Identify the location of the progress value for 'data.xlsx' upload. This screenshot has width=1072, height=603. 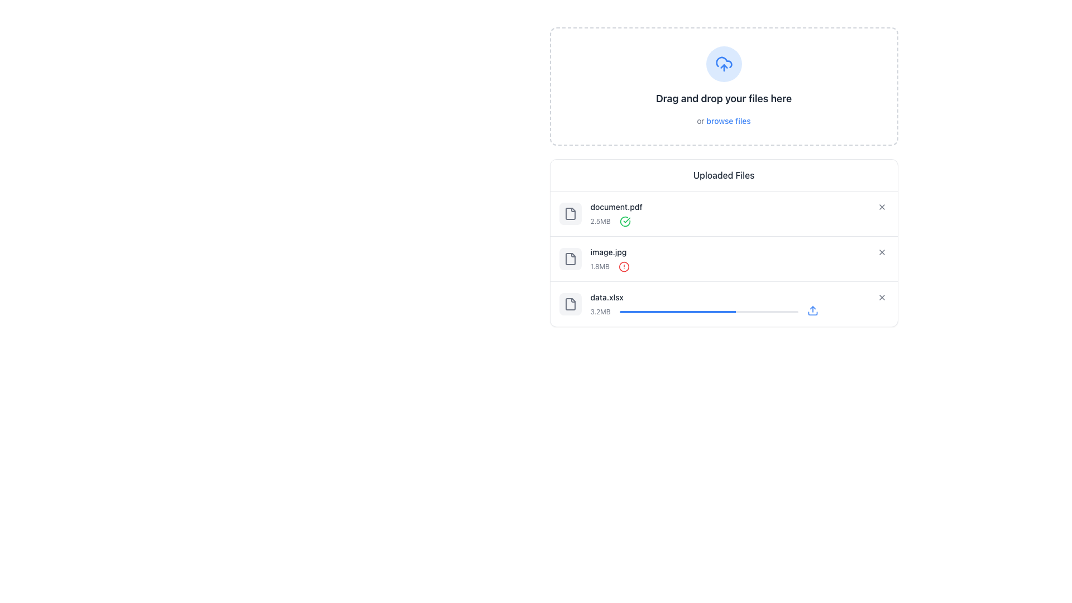
(658, 312).